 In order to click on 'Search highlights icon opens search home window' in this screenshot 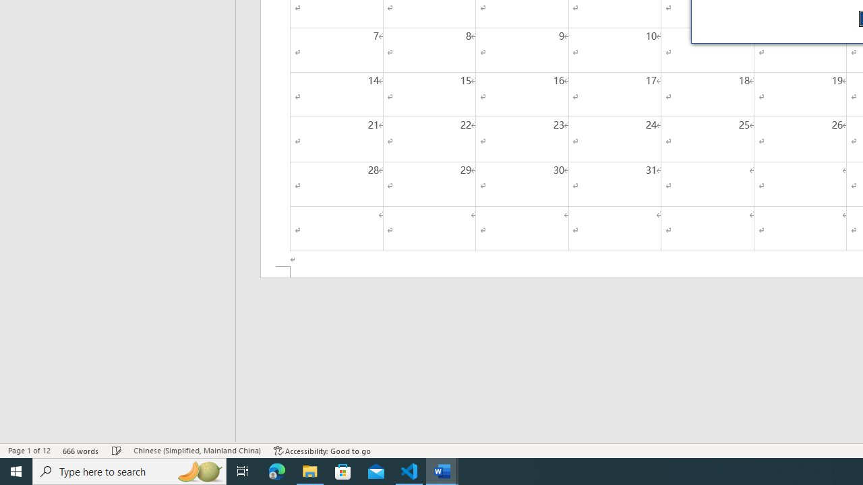, I will do `click(198, 470)`.